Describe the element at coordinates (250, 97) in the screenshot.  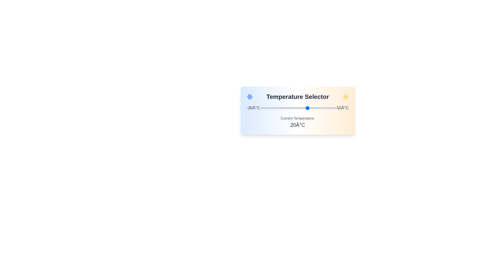
I see `the temperature icon located on the left side of the 'Temperature Selector' bar, which indicates a cooling feature` at that location.